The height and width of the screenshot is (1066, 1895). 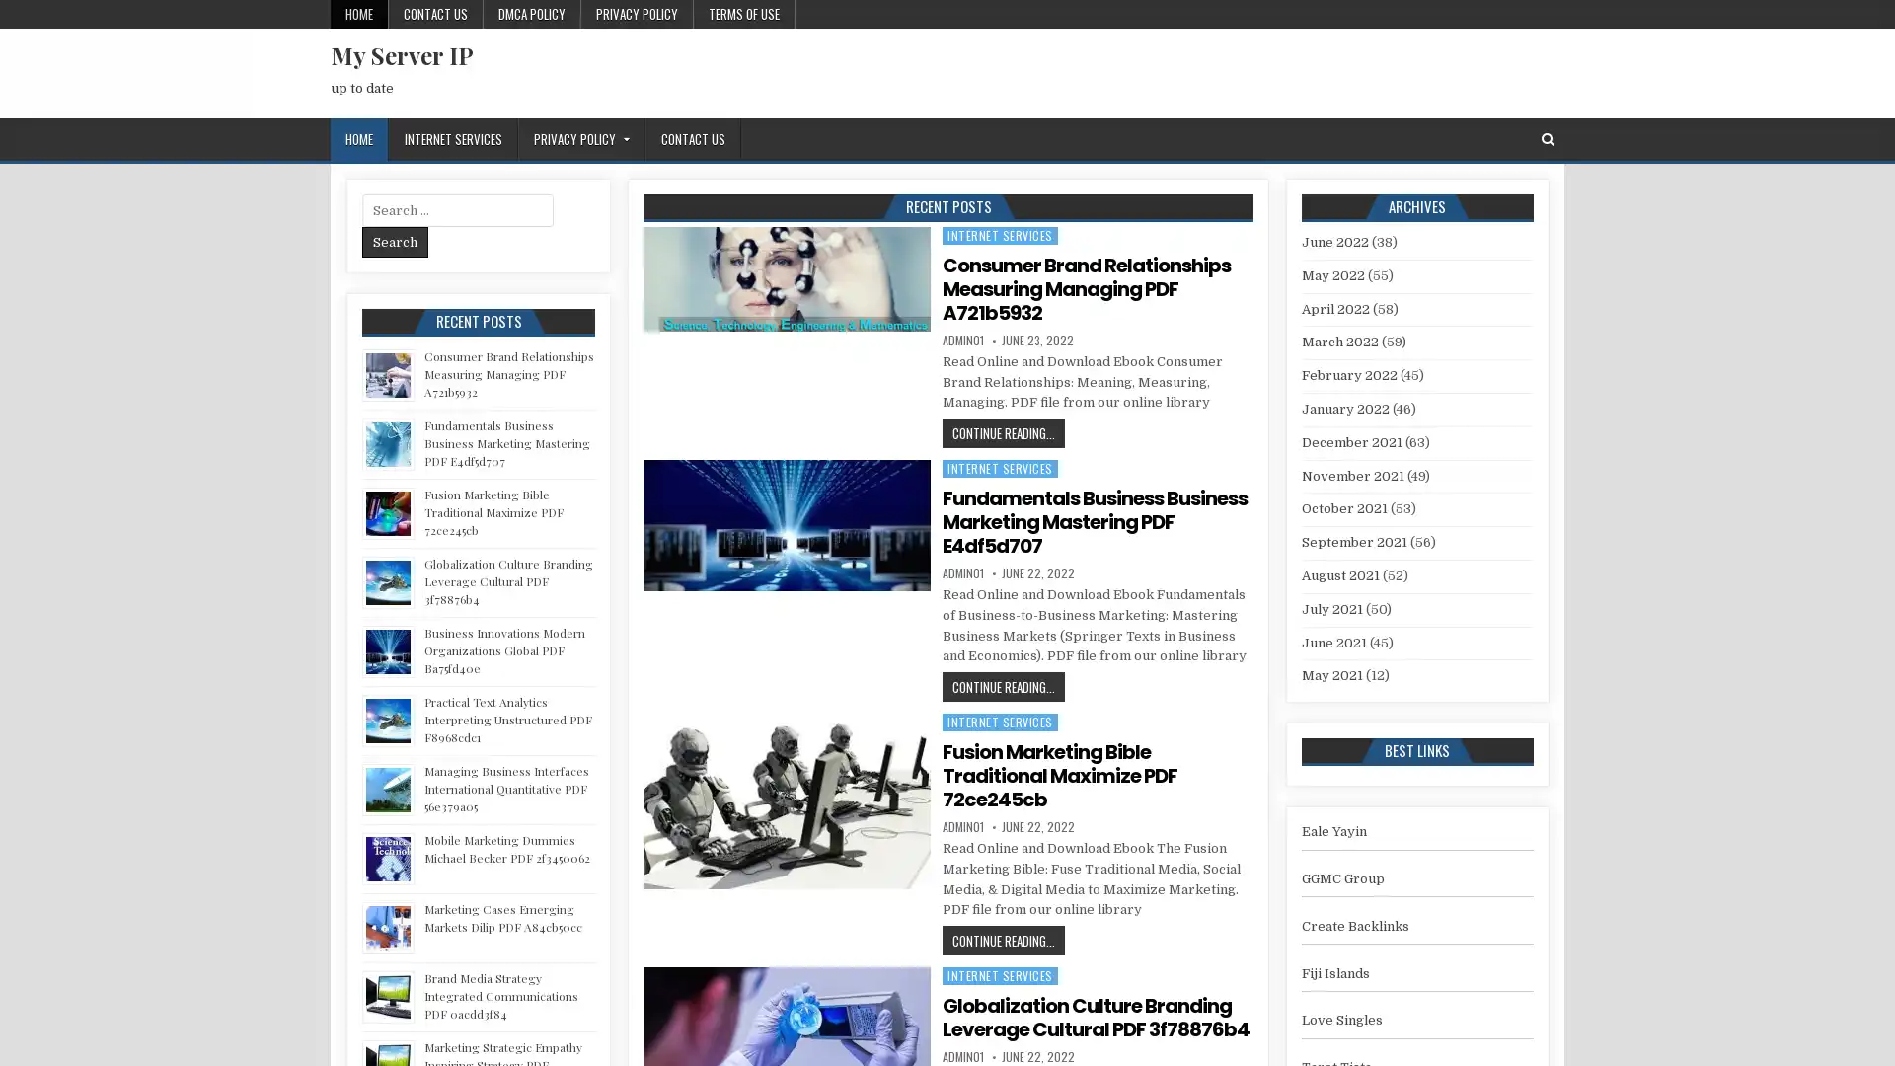 What do you see at coordinates (395, 241) in the screenshot?
I see `Search` at bounding box center [395, 241].